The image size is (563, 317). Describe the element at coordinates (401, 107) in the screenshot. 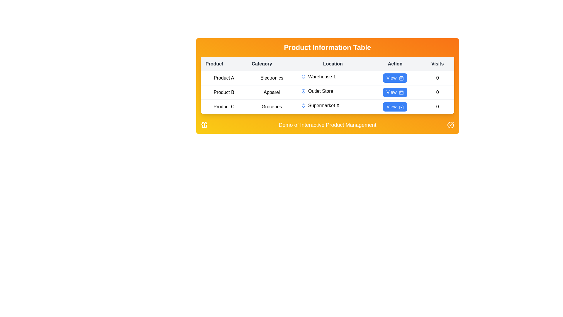

I see `the shopping bag icon located within the blue 'View' button in the 'Action' column of the 'Supermarket X' row, positioned to the right of the text 'View'` at that location.